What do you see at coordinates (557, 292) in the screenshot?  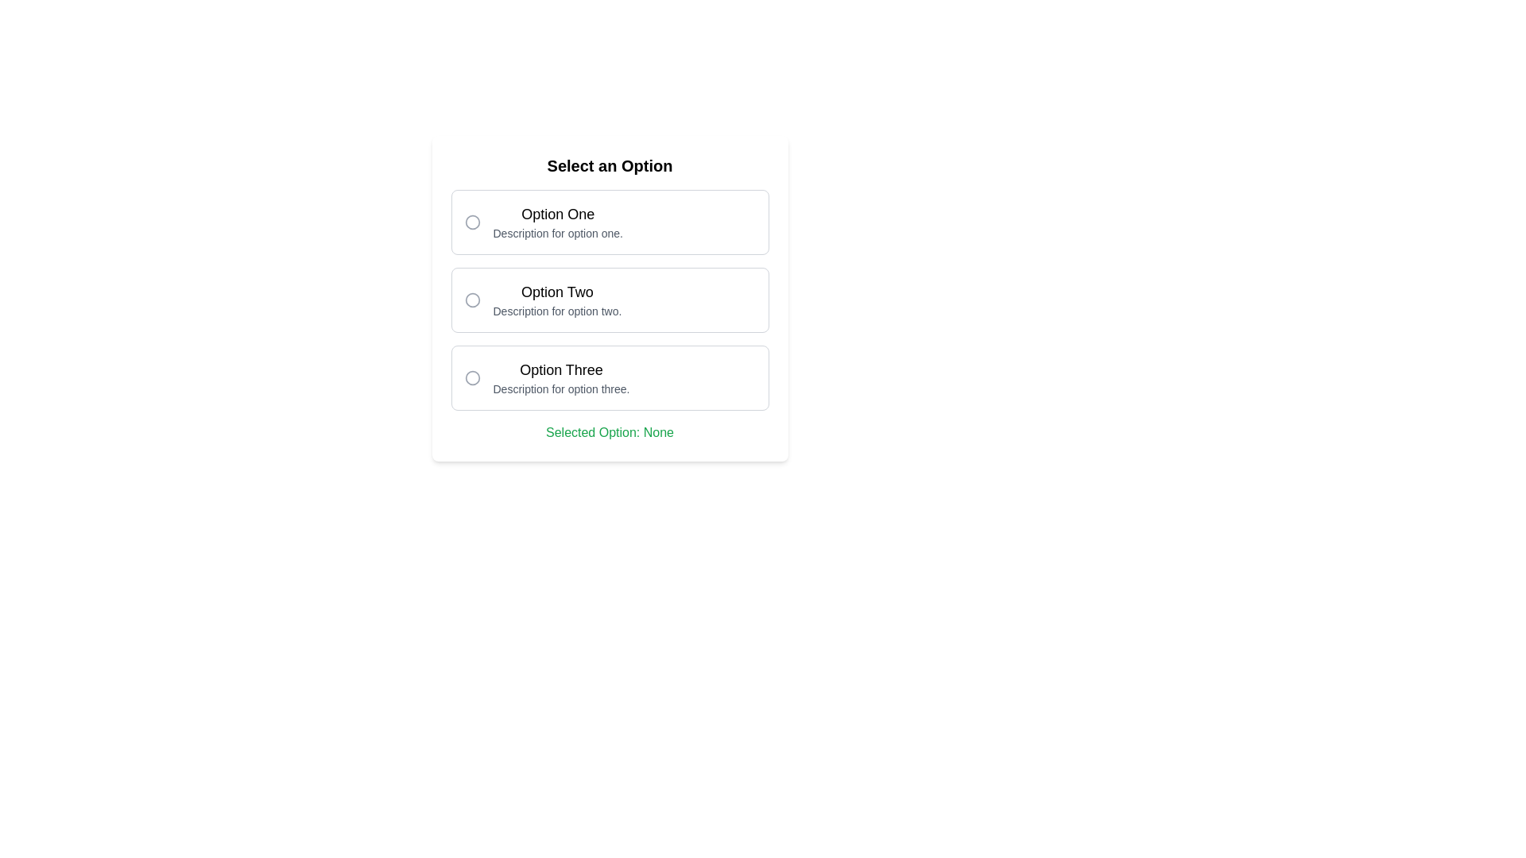 I see `the text label 'Option Two' which is styled with a medium font size and bold weight, located in the second option box of a list of three selectable options` at bounding box center [557, 292].